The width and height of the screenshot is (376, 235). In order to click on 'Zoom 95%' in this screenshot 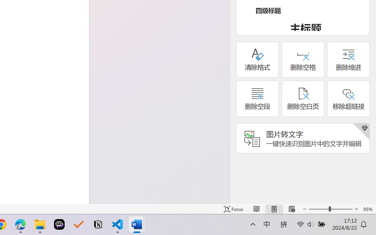, I will do `click(368, 209)`.